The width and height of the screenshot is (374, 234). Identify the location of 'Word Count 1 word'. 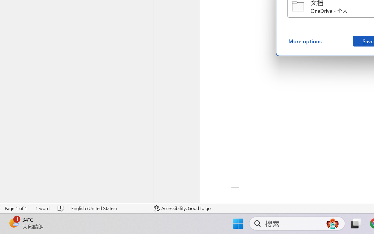
(42, 208).